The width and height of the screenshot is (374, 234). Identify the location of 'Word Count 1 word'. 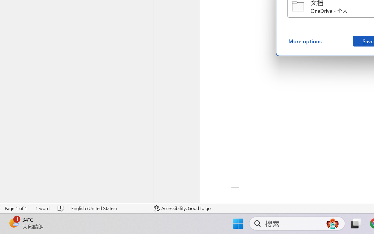
(42, 208).